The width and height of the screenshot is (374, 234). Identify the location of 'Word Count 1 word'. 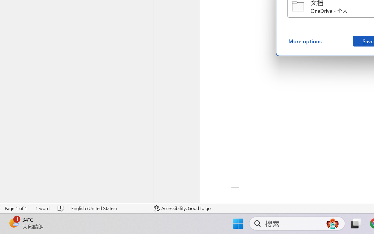
(42, 208).